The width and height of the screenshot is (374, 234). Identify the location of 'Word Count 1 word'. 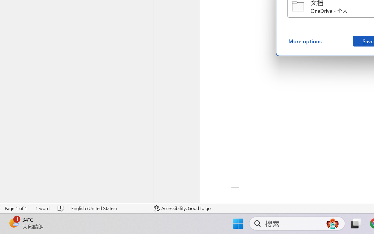
(42, 208).